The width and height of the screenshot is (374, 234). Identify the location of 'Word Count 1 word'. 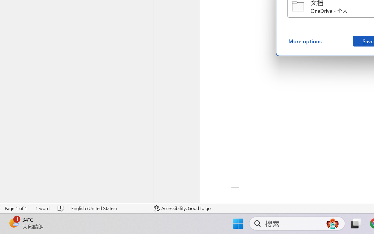
(42, 208).